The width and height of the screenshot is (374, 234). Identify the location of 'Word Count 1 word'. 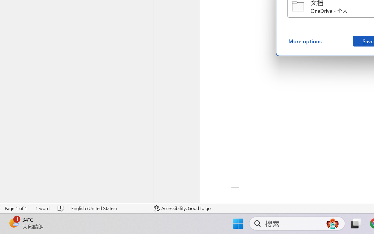
(42, 208).